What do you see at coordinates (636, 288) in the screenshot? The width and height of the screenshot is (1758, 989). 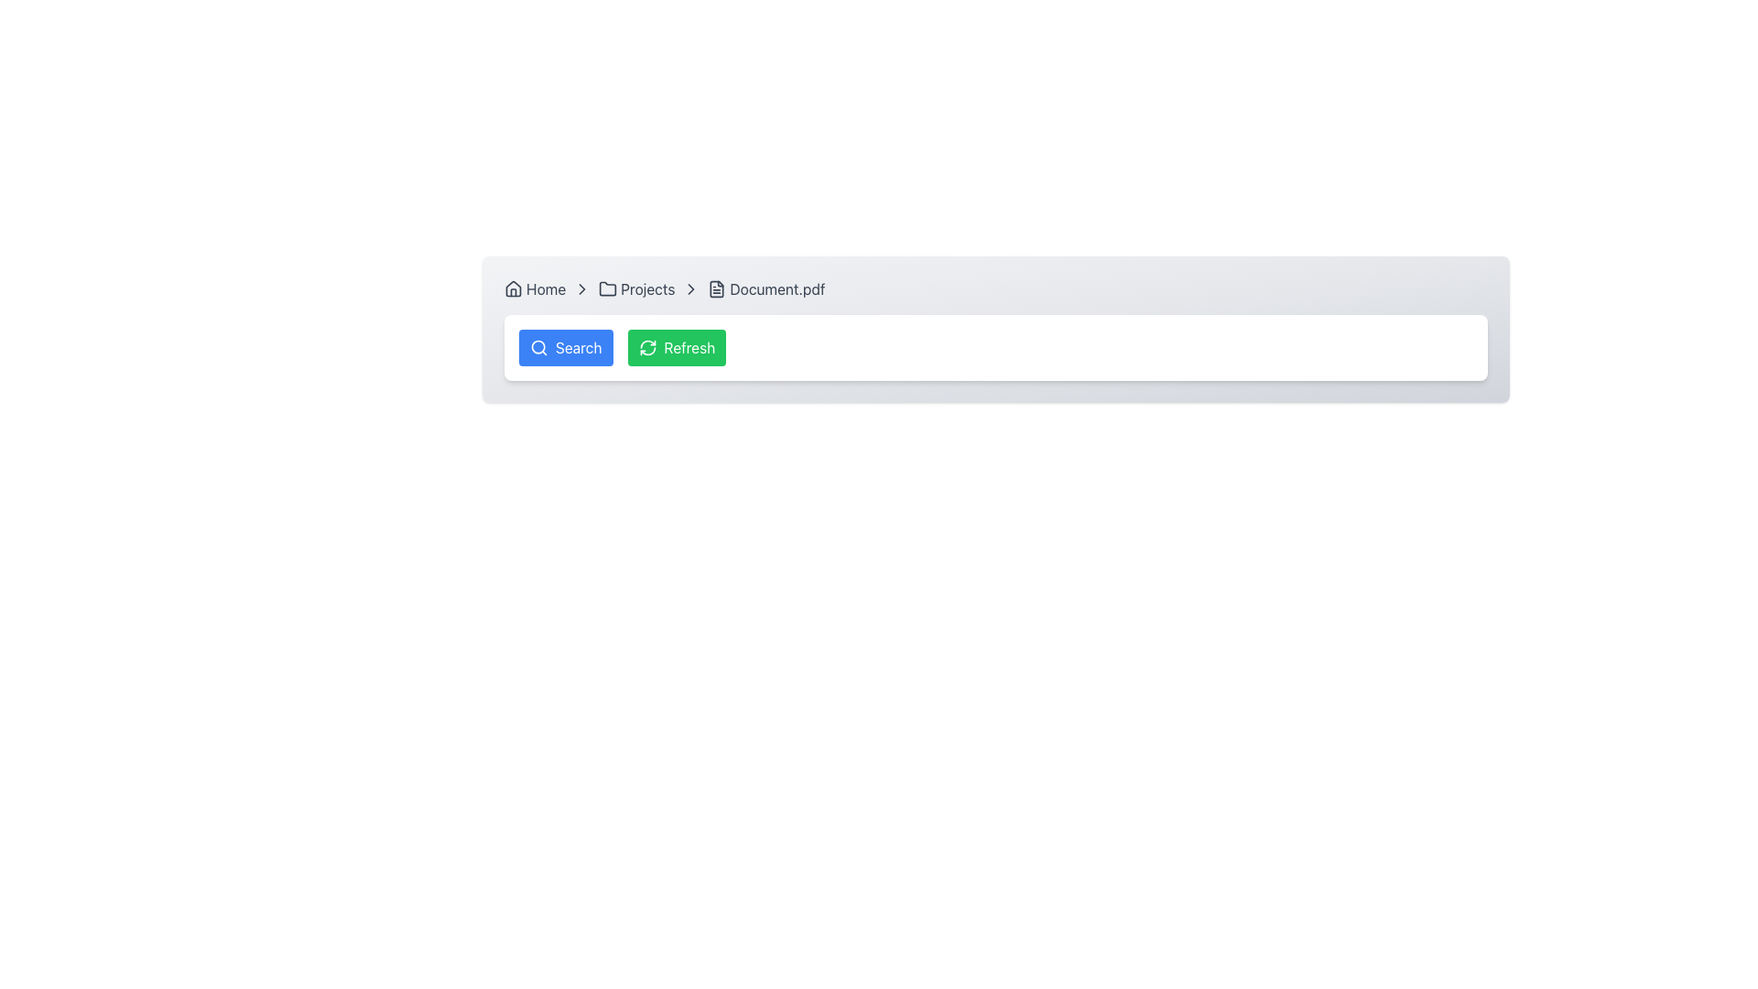 I see `the 'Projects' navigation link in the breadcrumb bar` at bounding box center [636, 288].